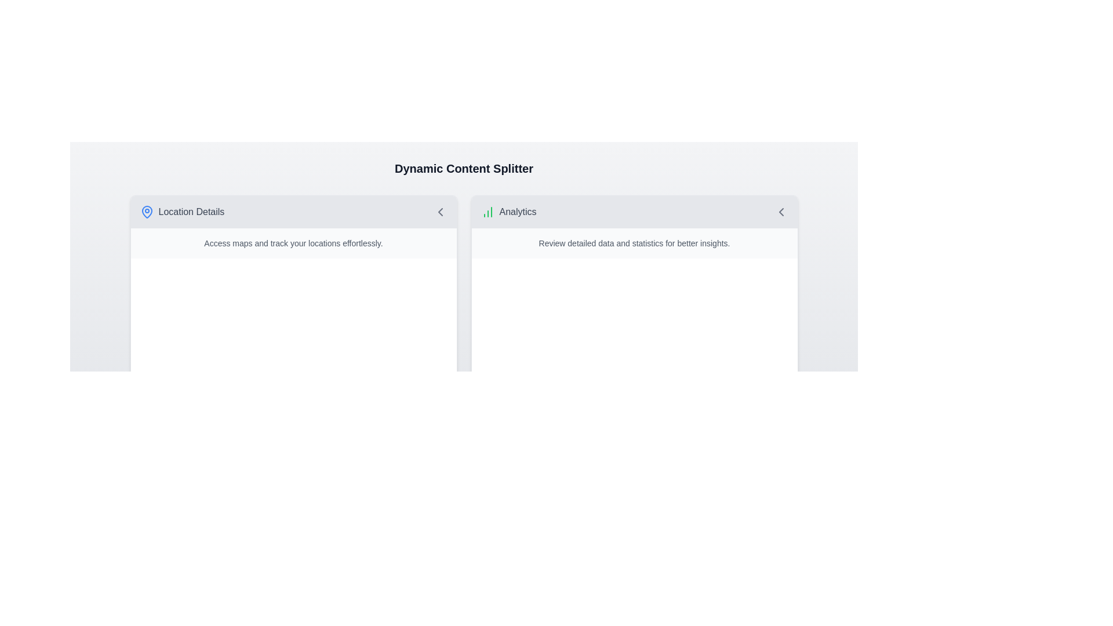 Image resolution: width=1113 pixels, height=626 pixels. I want to click on the static text that reads 'Review detailed data and statistics for better insights.' located at the bottom of the 'Analytics' section, so click(634, 243).